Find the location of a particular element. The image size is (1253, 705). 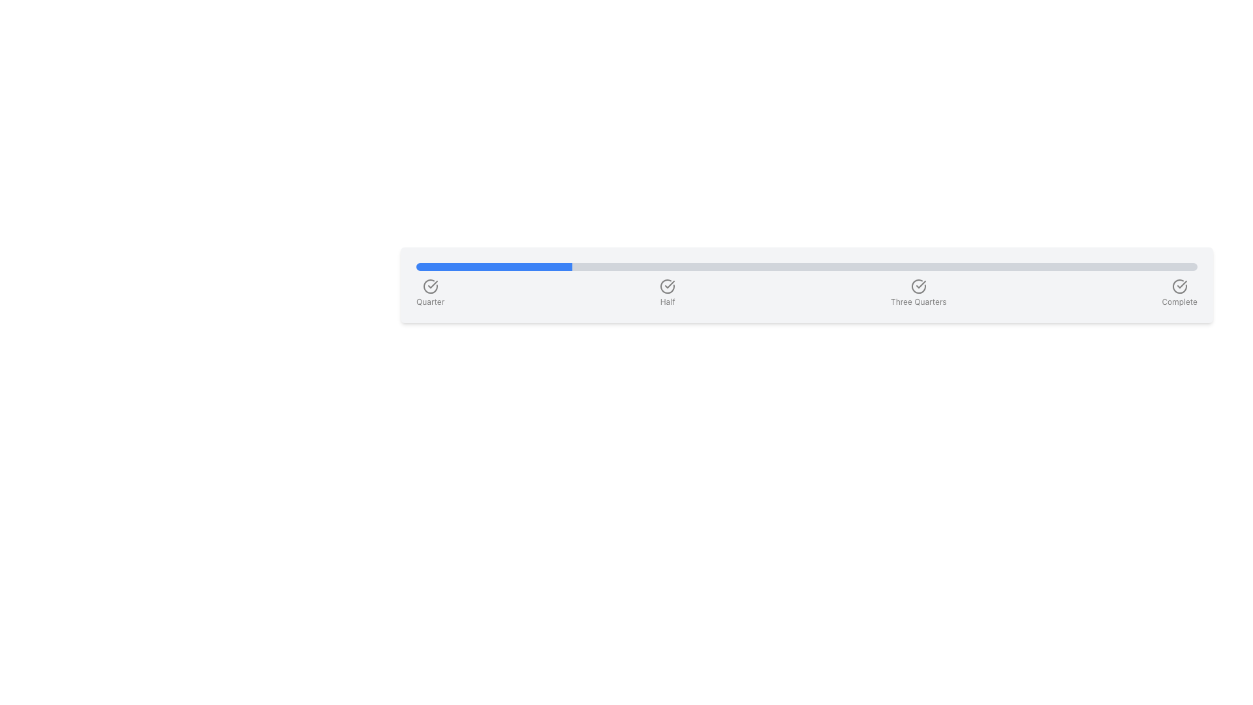

the status indicator labeled 'Complete', which is the fourth element in a sequence of progress indicators, to gather status information is located at coordinates (1179, 292).